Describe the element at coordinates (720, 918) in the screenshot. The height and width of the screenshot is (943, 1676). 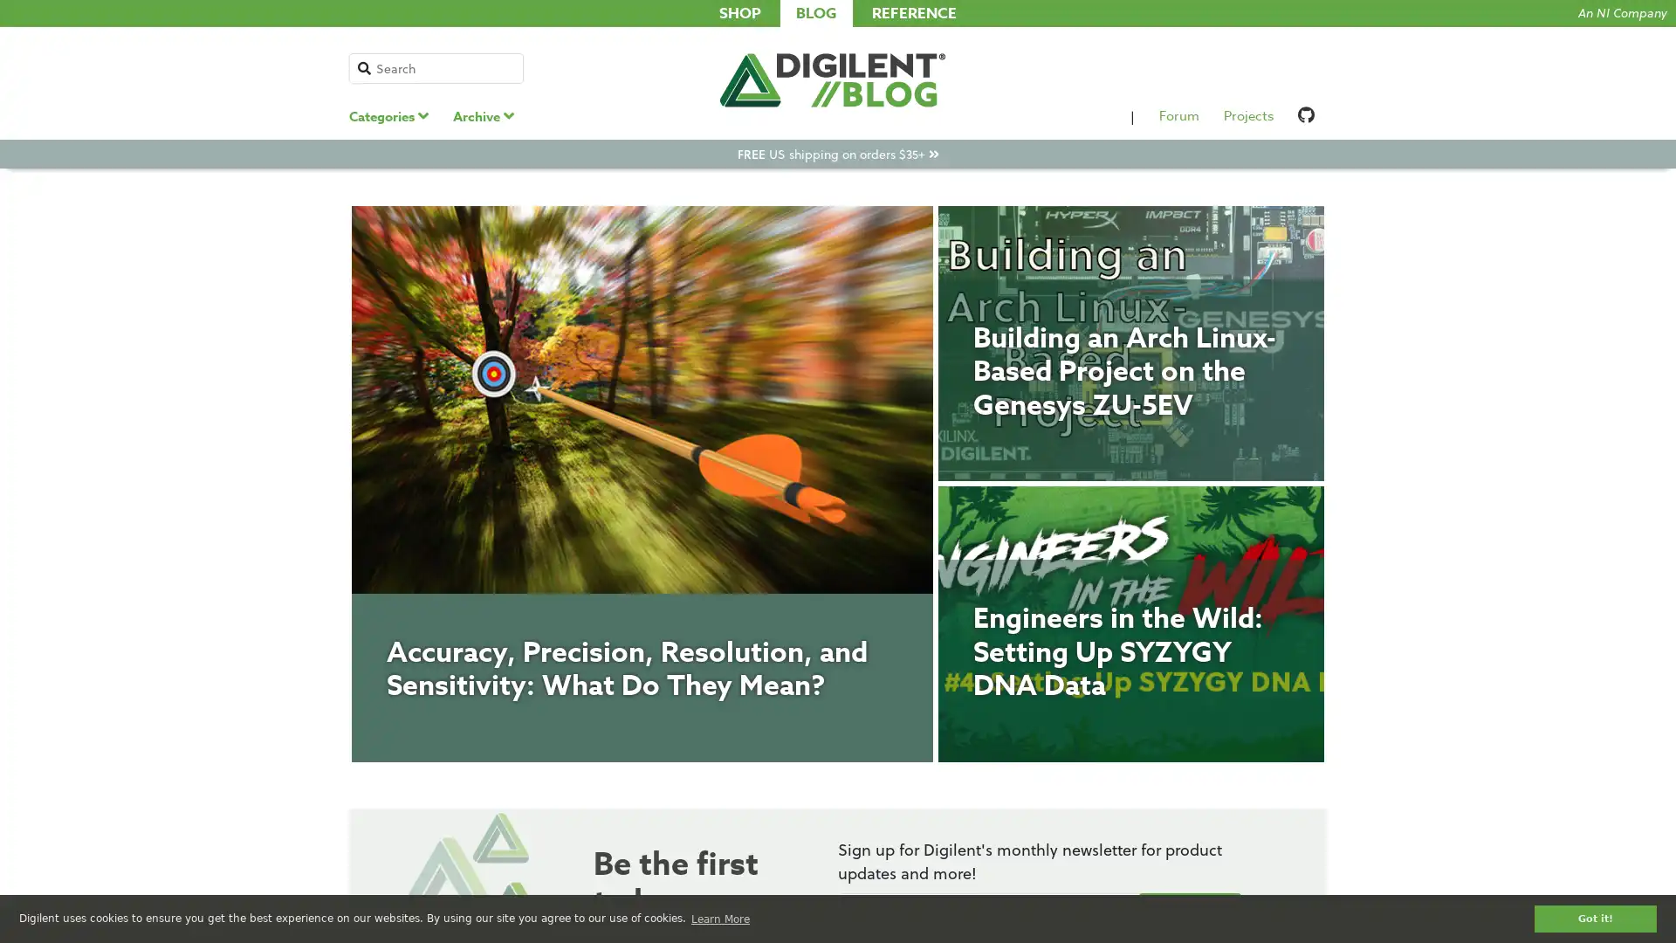
I see `learn more about cookies` at that location.